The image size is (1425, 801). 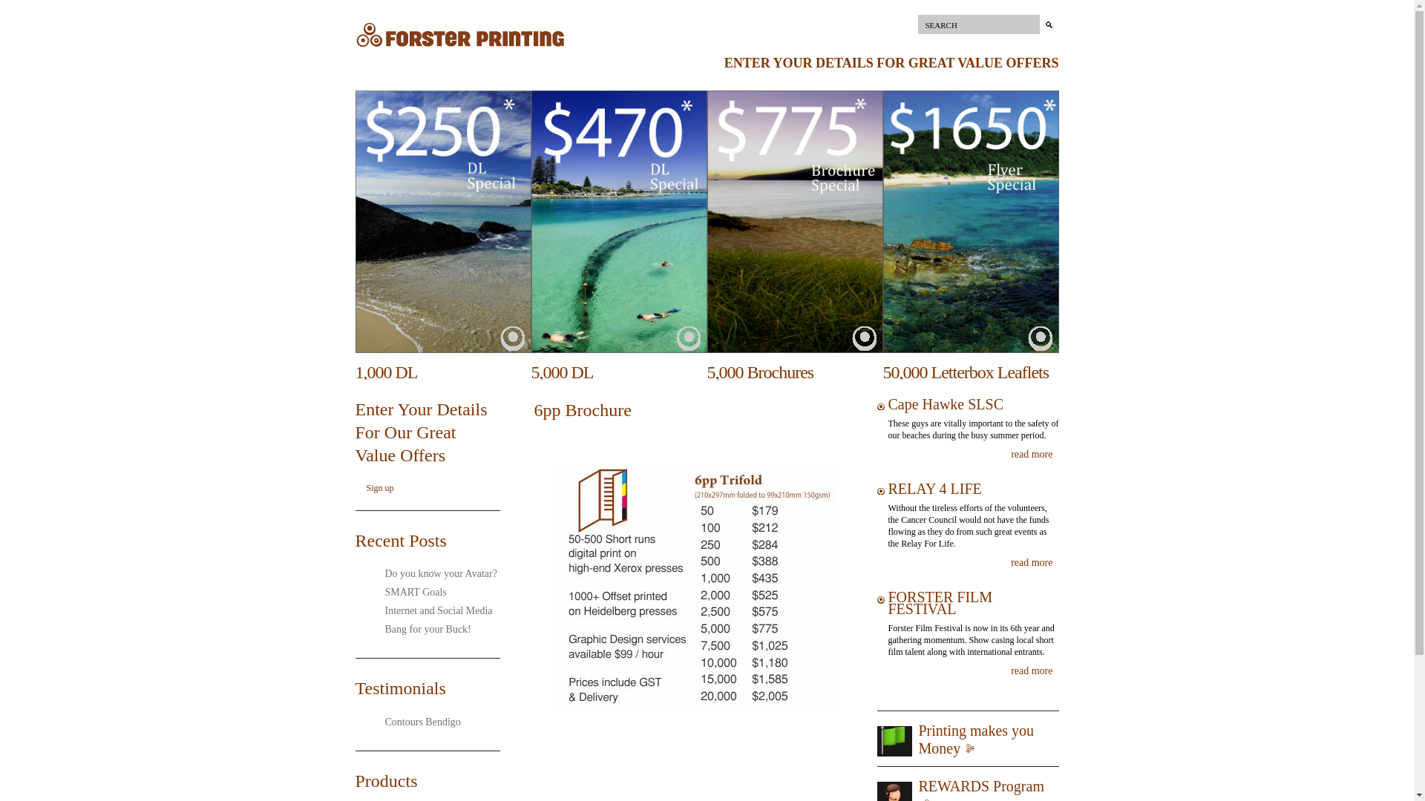 What do you see at coordinates (619, 222) in the screenshot?
I see `'banner-img2'` at bounding box center [619, 222].